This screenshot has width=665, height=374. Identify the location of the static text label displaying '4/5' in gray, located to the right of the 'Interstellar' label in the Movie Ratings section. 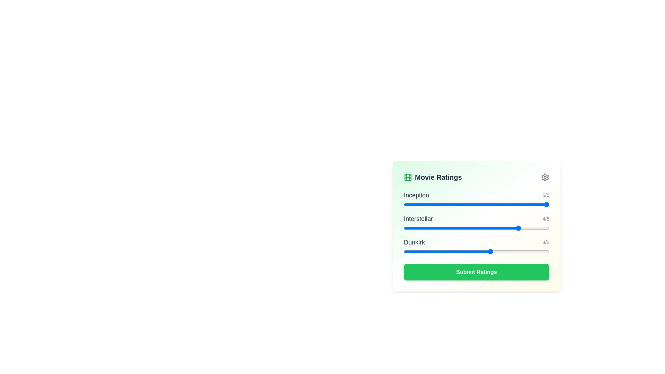
(546, 219).